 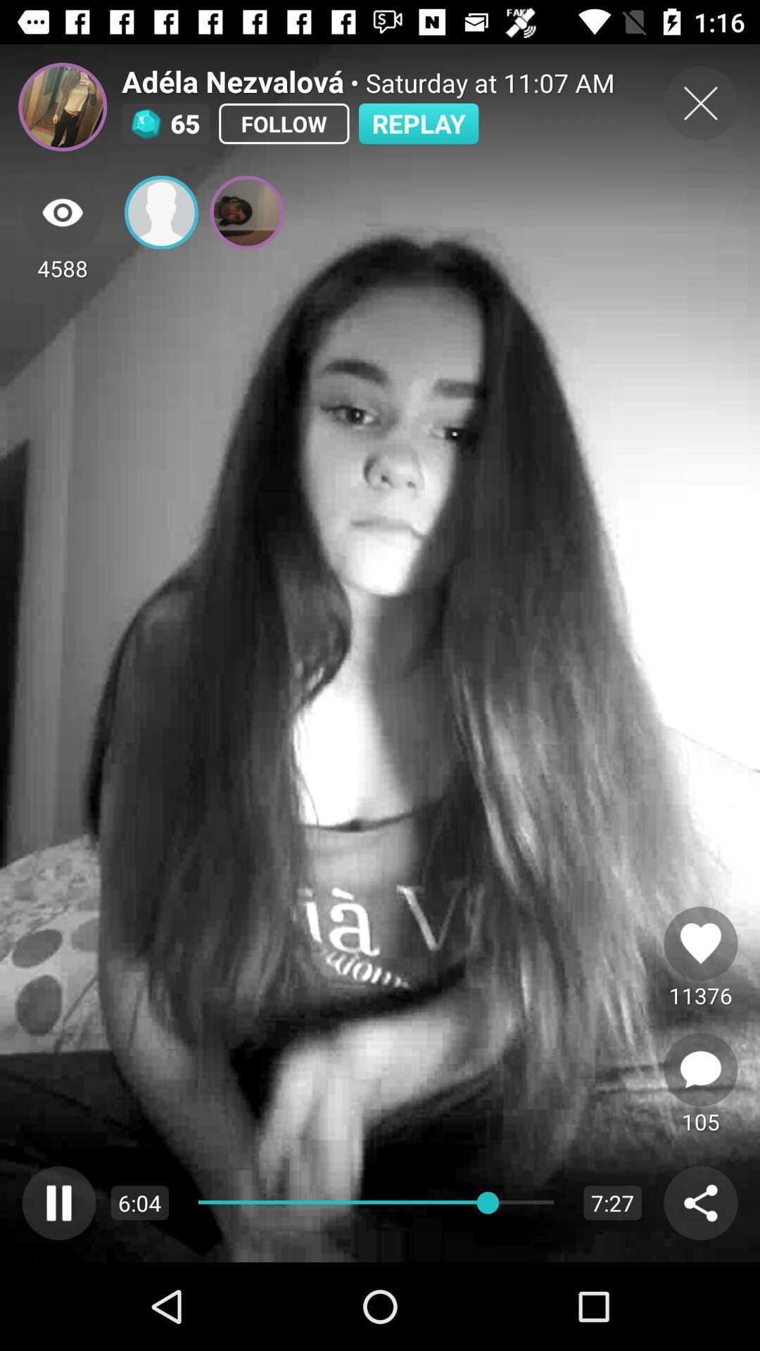 I want to click on click the message option, so click(x=700, y=1070).